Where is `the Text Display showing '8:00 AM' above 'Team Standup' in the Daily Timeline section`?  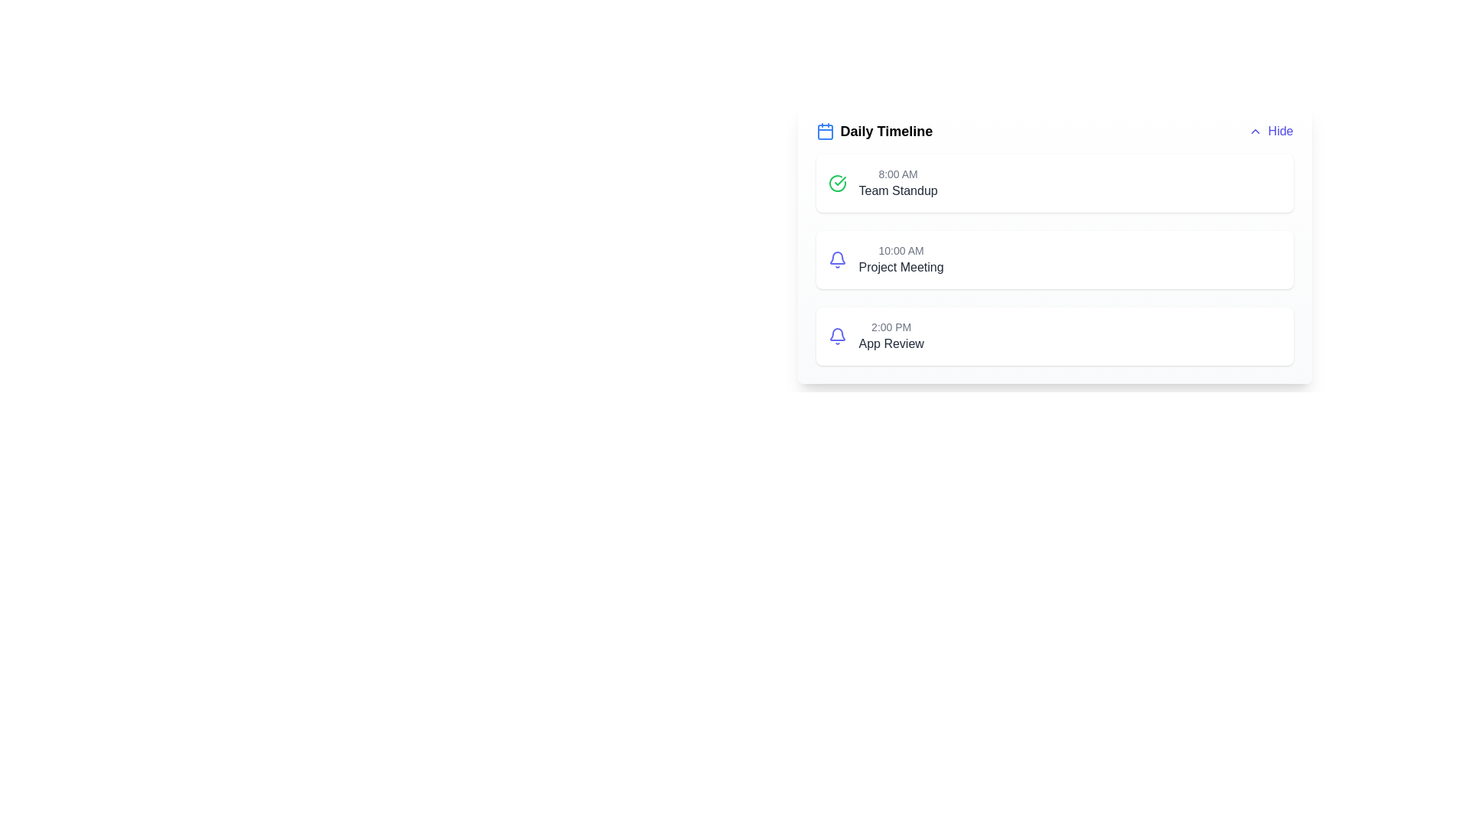 the Text Display showing '8:00 AM' above 'Team Standup' in the Daily Timeline section is located at coordinates (898, 182).